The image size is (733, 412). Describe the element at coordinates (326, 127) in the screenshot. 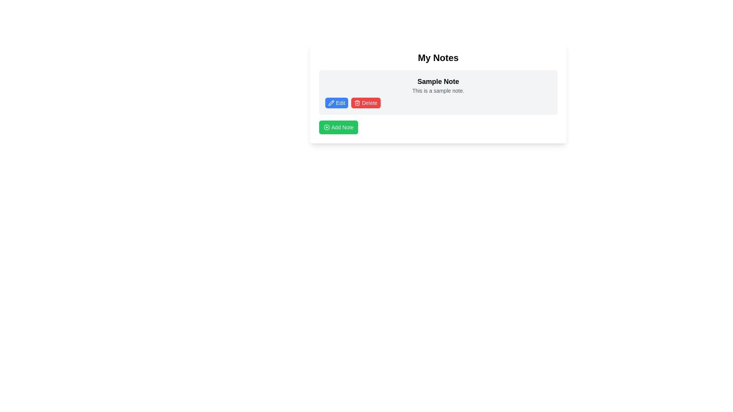

I see `the add note icon, which is a circular icon located on the left side of the 'Add Note' button, near the lower-left corner of the user interface` at that location.